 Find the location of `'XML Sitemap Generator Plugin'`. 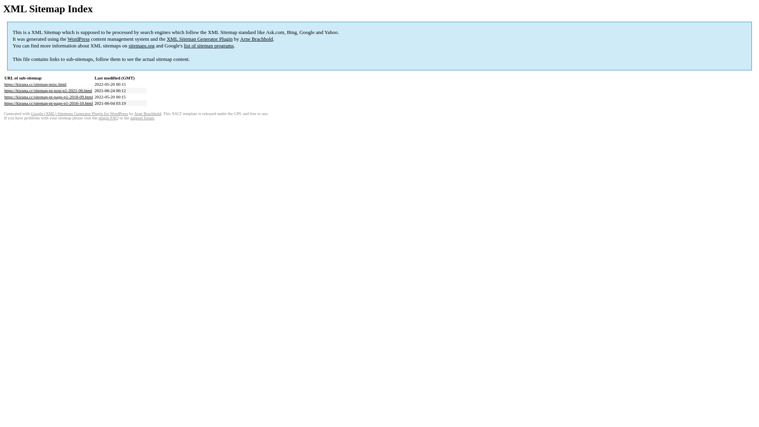

'XML Sitemap Generator Plugin' is located at coordinates (200, 39).